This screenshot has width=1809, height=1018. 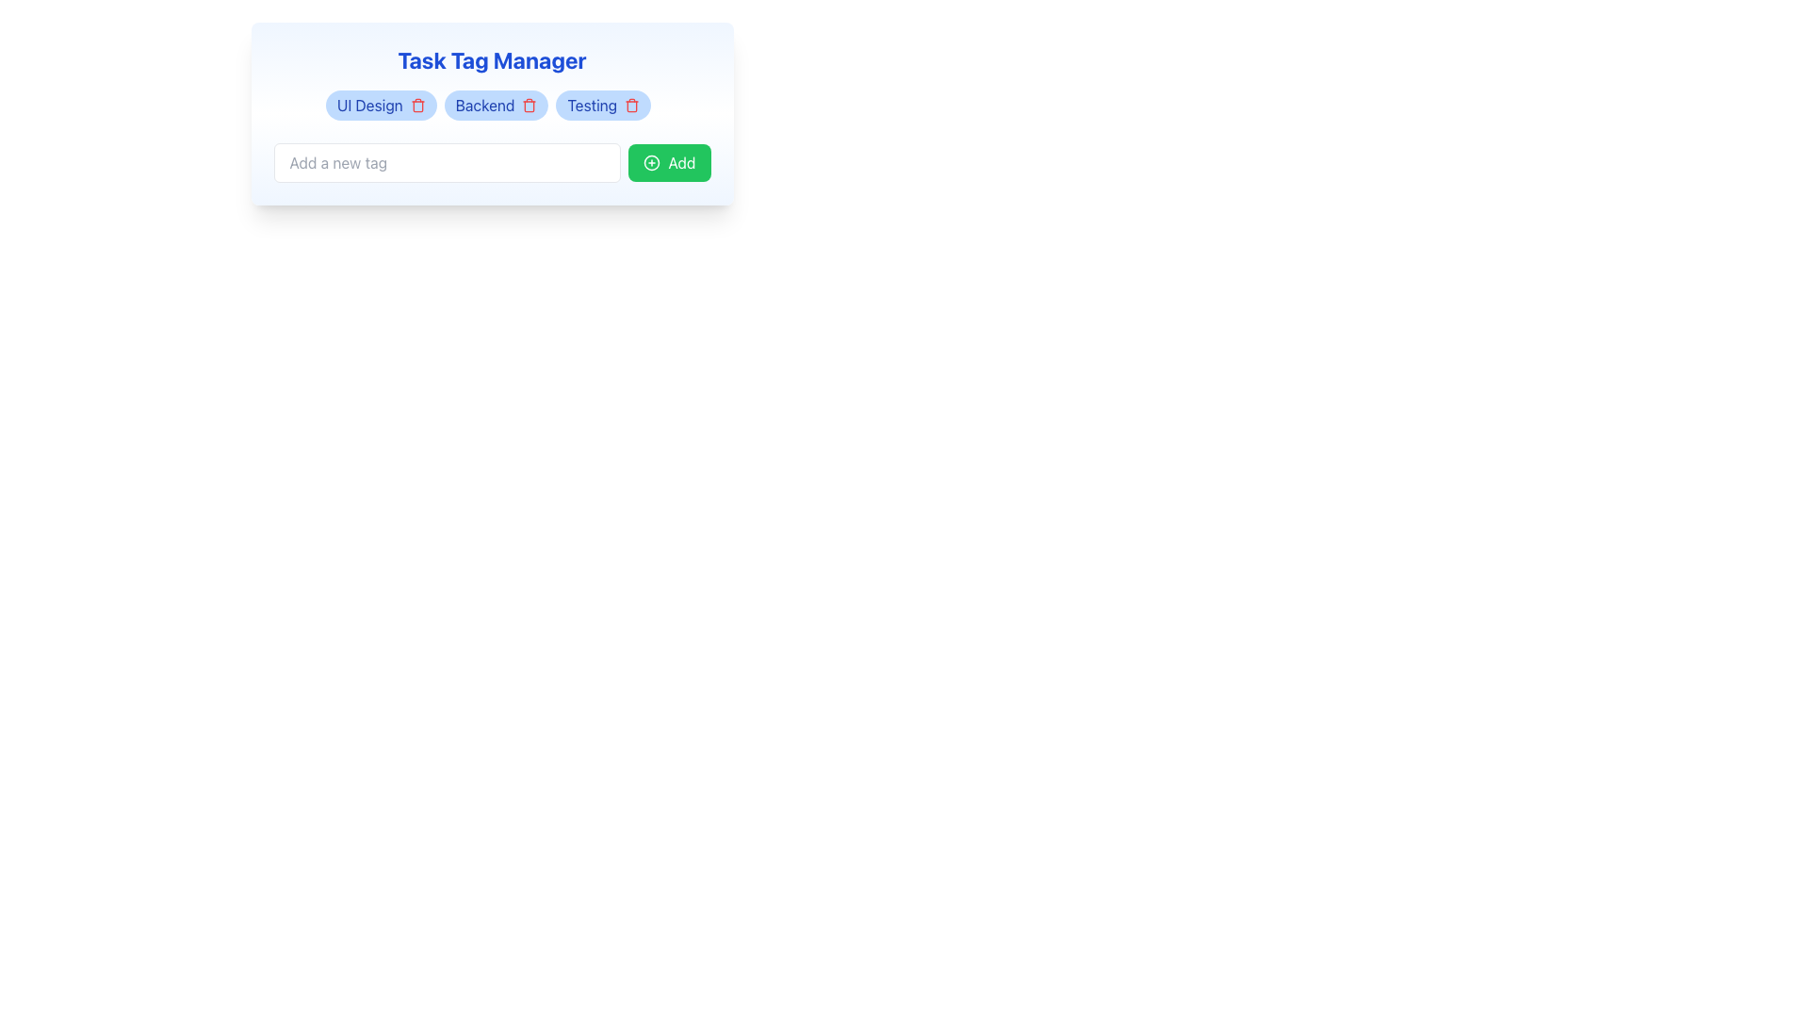 What do you see at coordinates (492, 113) in the screenshot?
I see `the rounded blue pill-shaped label with the text 'Backend' located centrally in the row of tags under 'Task Tag Manager'` at bounding box center [492, 113].